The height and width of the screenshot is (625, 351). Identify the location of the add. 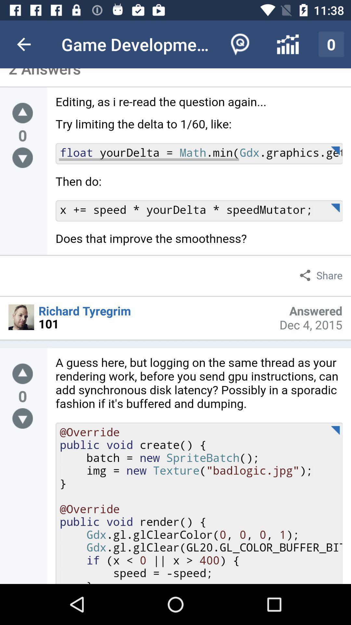
(22, 113).